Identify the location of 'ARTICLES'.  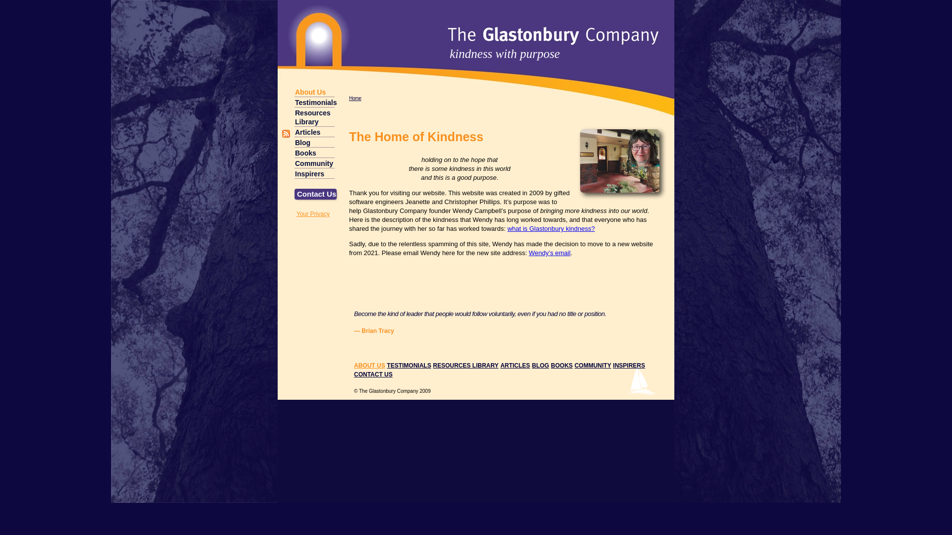
(515, 365).